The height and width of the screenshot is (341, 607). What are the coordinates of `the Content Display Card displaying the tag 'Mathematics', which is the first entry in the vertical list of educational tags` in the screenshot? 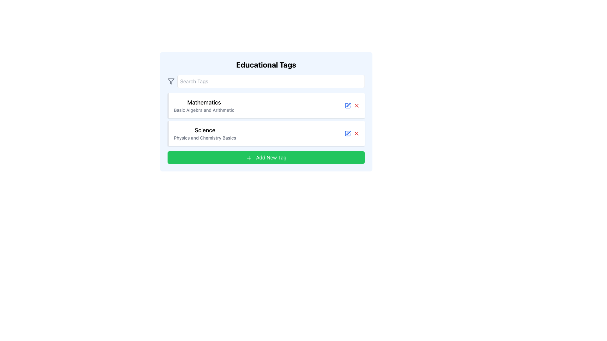 It's located at (266, 111).